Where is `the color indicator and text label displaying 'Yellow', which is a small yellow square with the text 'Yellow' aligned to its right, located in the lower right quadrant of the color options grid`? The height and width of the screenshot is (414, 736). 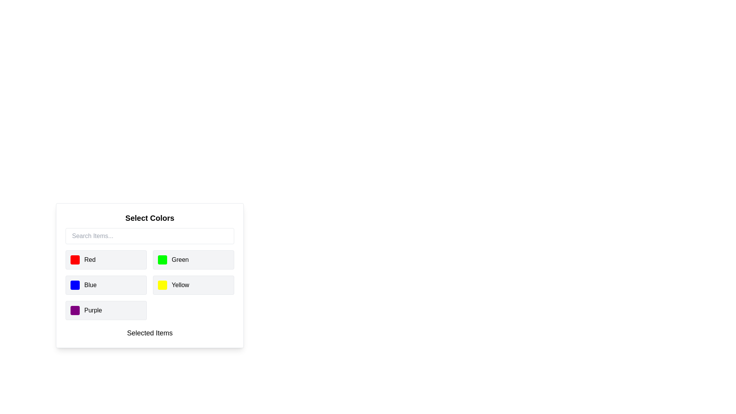 the color indicator and text label displaying 'Yellow', which is a small yellow square with the text 'Yellow' aligned to its right, located in the lower right quadrant of the color options grid is located at coordinates (173, 285).